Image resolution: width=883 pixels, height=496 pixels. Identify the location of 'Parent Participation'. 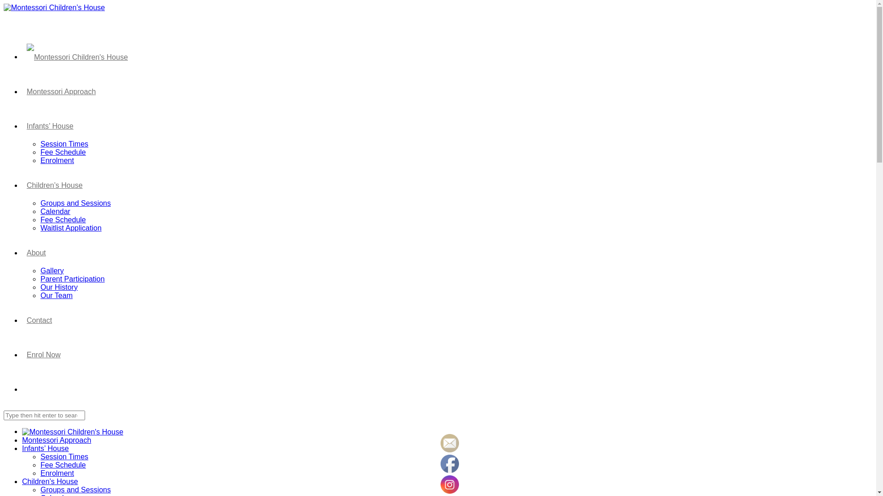
(72, 278).